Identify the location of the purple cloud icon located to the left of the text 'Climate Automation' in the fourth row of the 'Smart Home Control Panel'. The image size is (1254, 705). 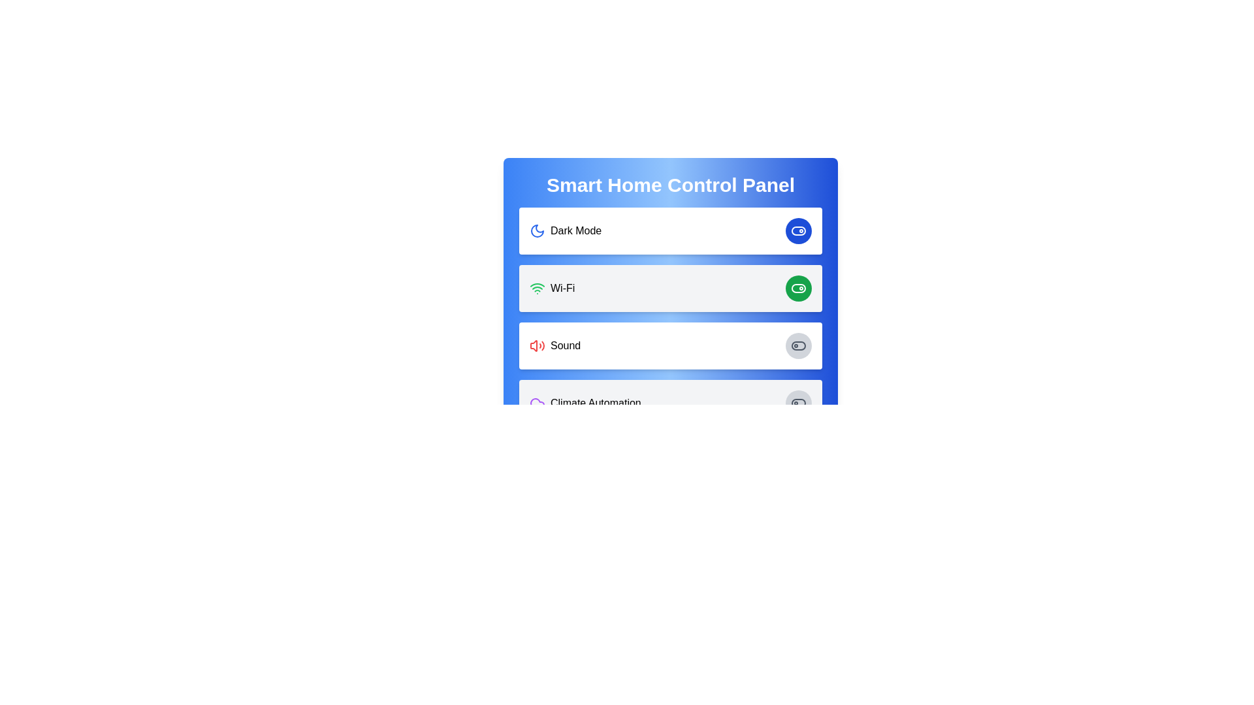
(537, 402).